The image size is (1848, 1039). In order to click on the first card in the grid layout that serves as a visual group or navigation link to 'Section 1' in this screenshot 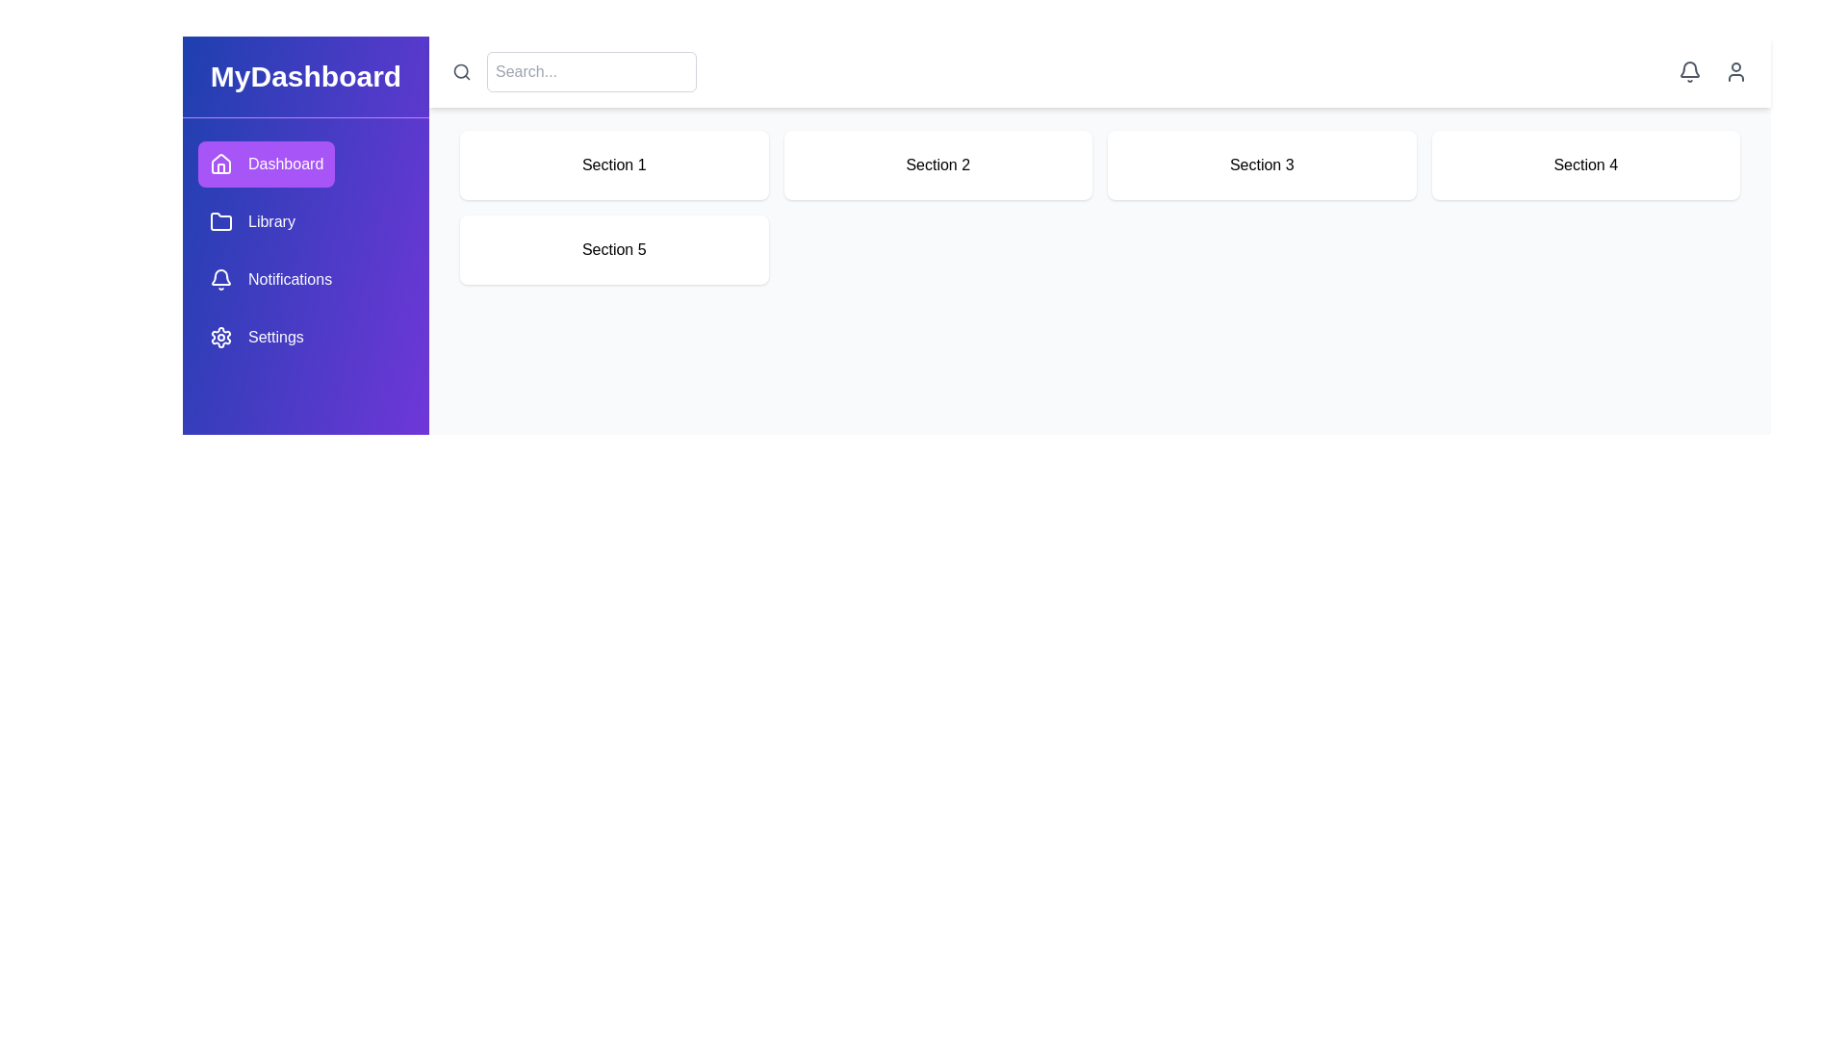, I will do `click(613, 165)`.